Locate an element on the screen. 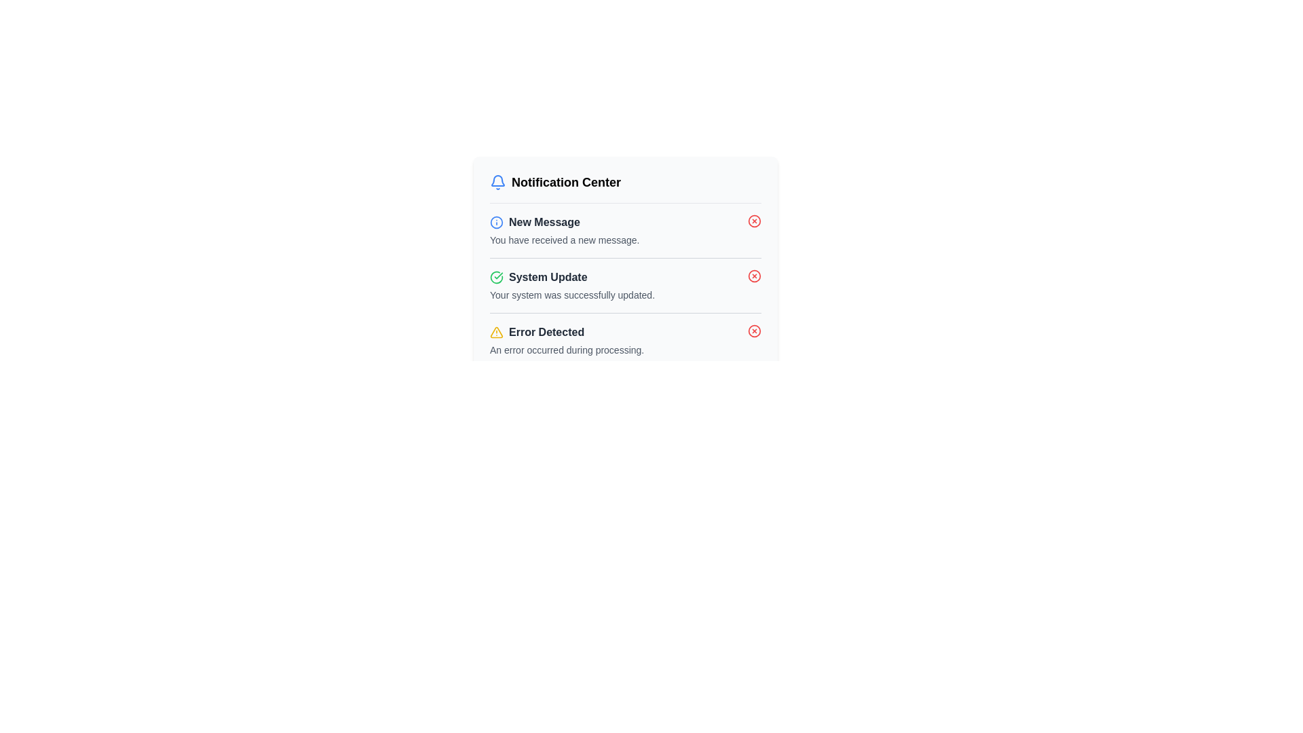 The height and width of the screenshot is (733, 1303). the Notification Entry that contains the header 'New Message' and descriptive text stating 'You have received a new message.' is located at coordinates (565, 229).